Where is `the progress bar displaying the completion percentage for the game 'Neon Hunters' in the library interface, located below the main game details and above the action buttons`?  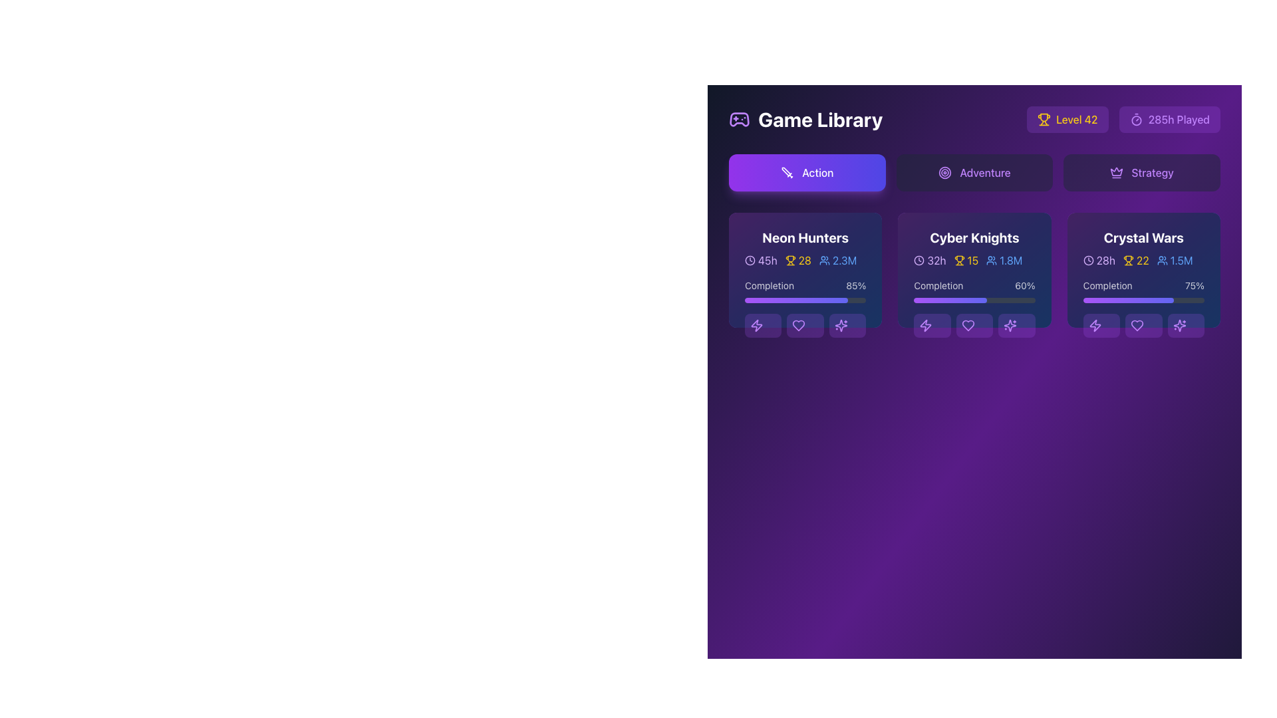
the progress bar displaying the completion percentage for the game 'Neon Hunters' in the library interface, located below the main game details and above the action buttons is located at coordinates (805, 291).